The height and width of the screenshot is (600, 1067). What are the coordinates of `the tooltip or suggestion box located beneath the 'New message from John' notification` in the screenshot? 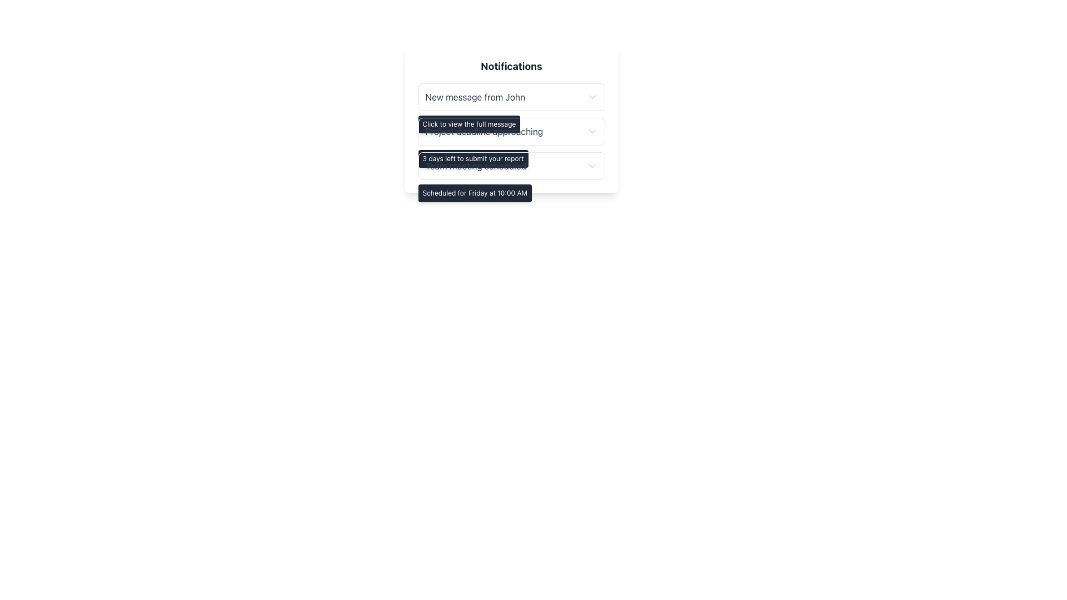 It's located at (469, 124).